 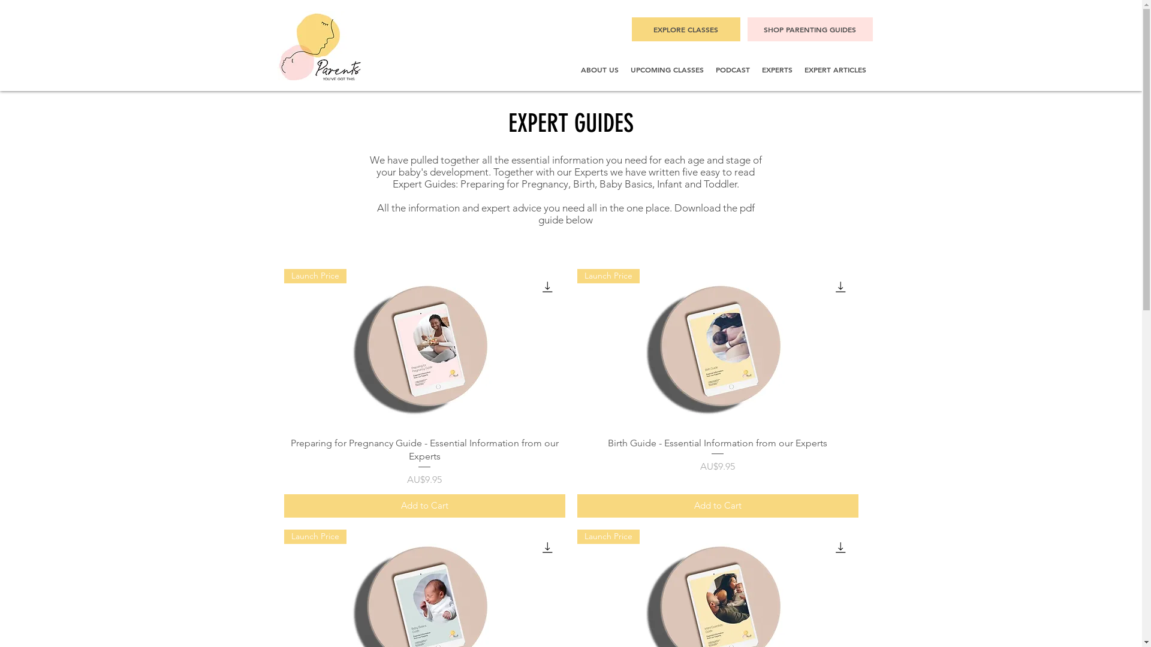 What do you see at coordinates (746, 29) in the screenshot?
I see `'SHOP PARENTING GUIDES'` at bounding box center [746, 29].